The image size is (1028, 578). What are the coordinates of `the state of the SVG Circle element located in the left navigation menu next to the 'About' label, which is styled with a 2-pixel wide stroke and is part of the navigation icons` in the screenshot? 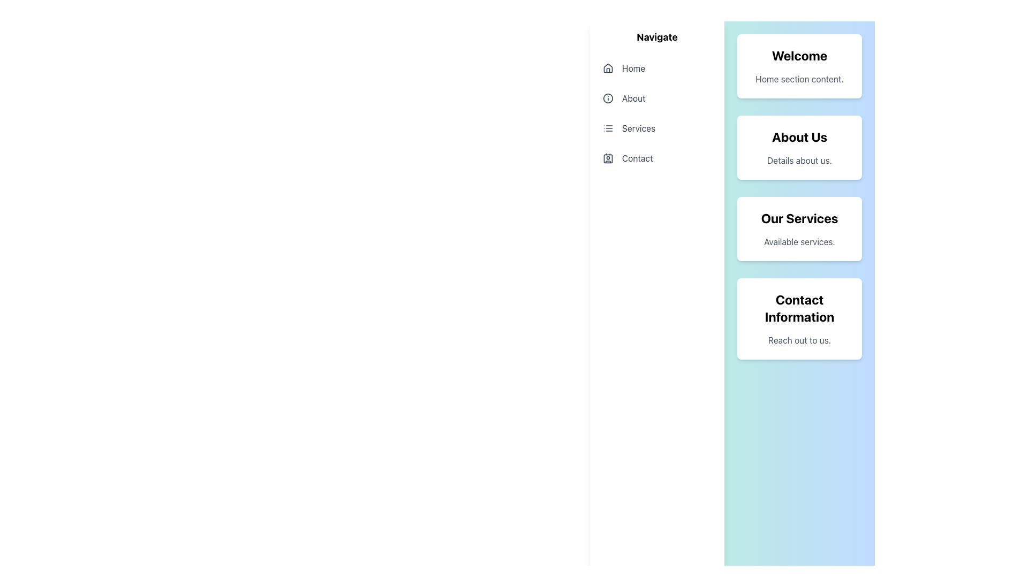 It's located at (608, 98).